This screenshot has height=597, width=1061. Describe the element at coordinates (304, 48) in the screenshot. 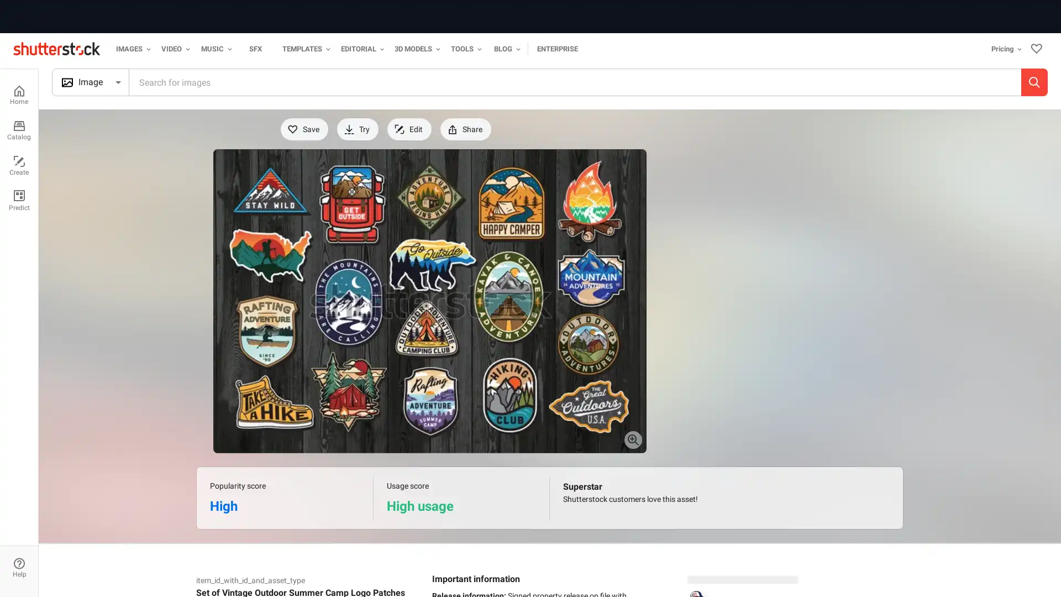

I see `Templates` at that location.